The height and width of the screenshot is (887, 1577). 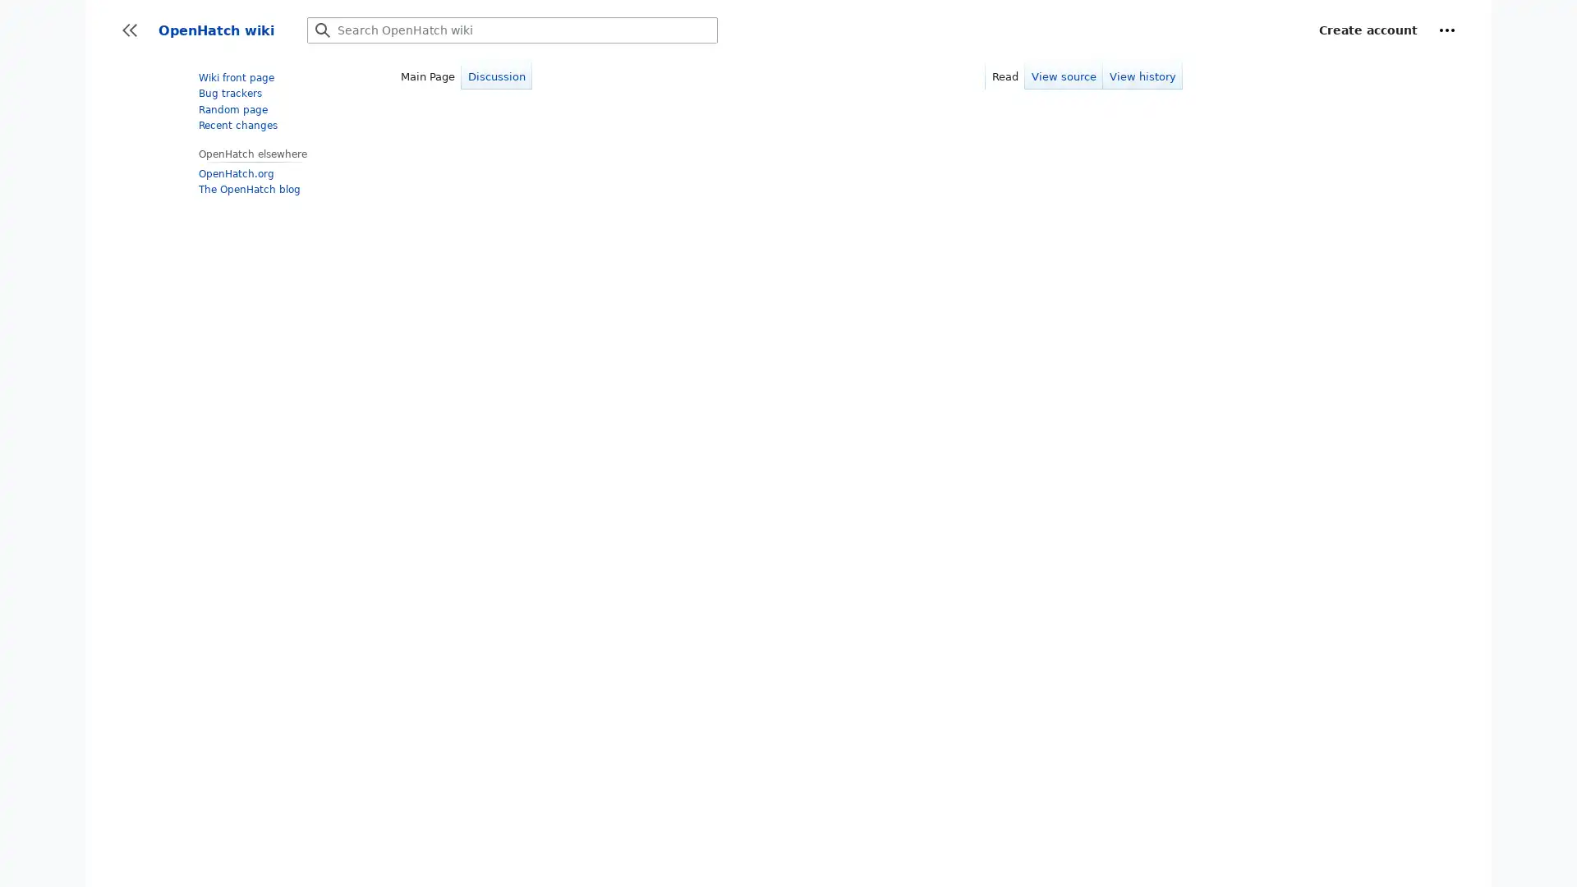 I want to click on dismiss, so click(x=1150, y=216).